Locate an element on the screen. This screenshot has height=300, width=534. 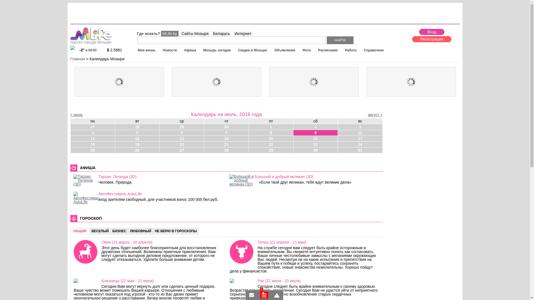
'16' is located at coordinates (315, 138).